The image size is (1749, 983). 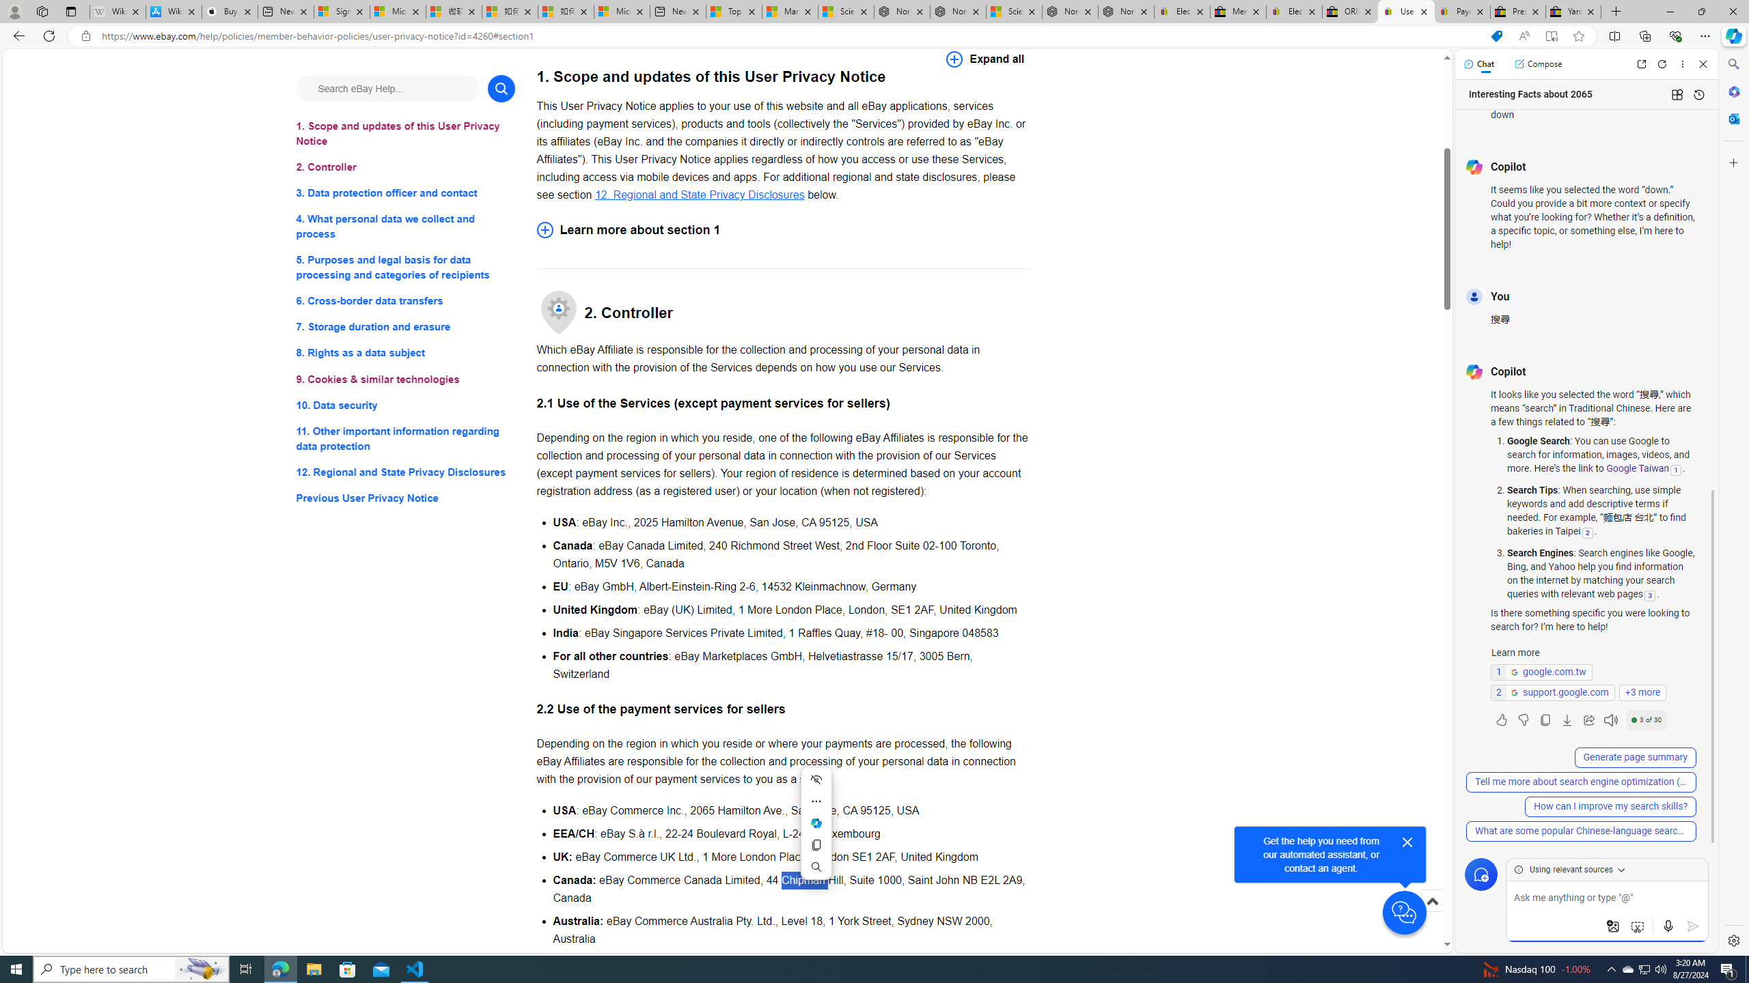 What do you see at coordinates (1496, 36) in the screenshot?
I see `'This site has coupons! Shopping in Microsoft Edge'` at bounding box center [1496, 36].